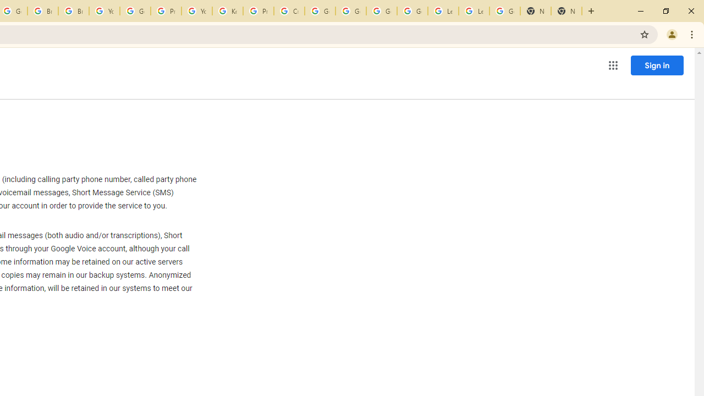 The height and width of the screenshot is (396, 704). I want to click on 'Create your Google Account', so click(289, 11).